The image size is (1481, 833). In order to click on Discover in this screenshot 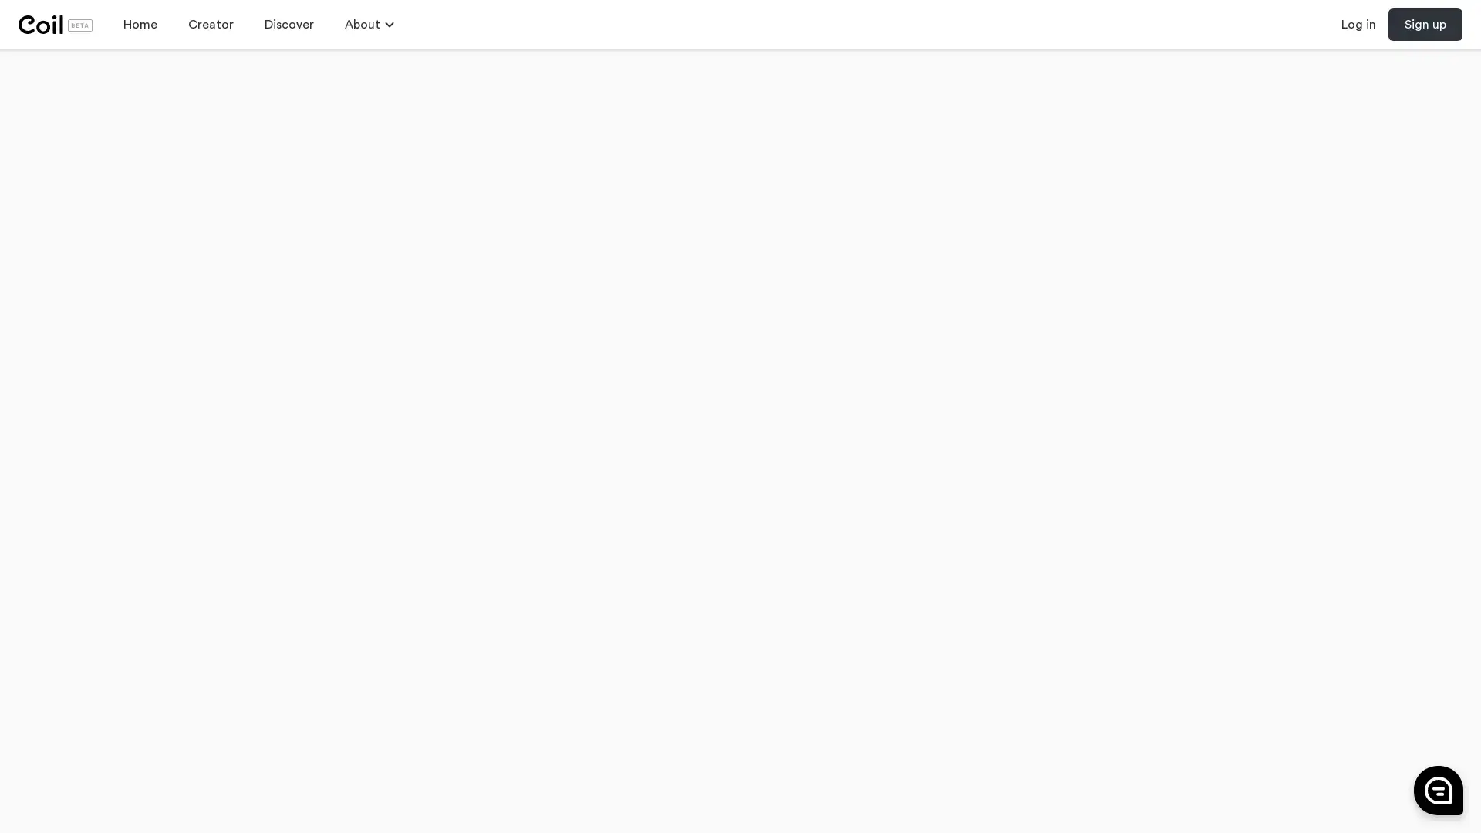, I will do `click(288, 24)`.